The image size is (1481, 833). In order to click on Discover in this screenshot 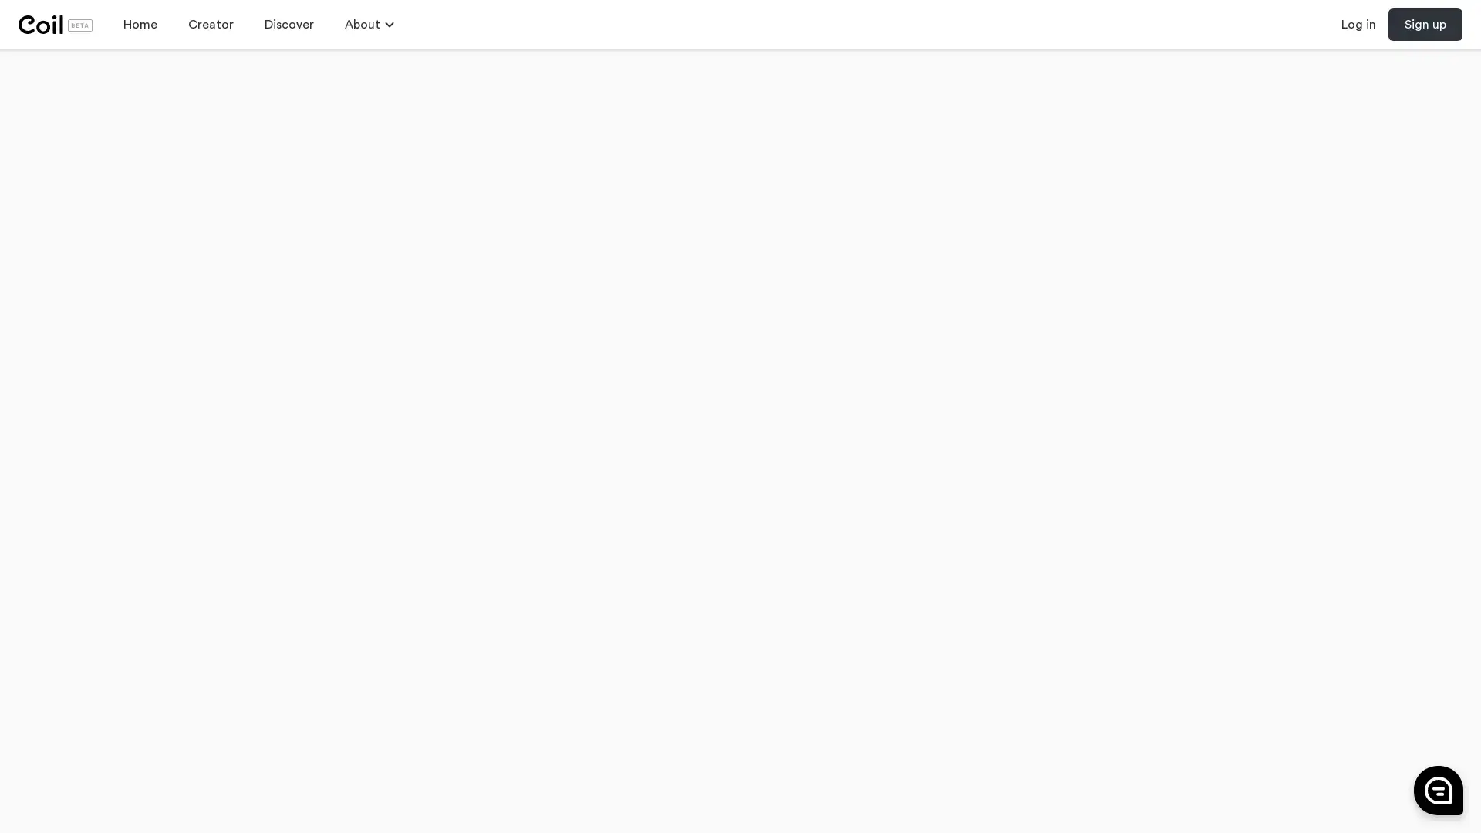, I will do `click(288, 24)`.